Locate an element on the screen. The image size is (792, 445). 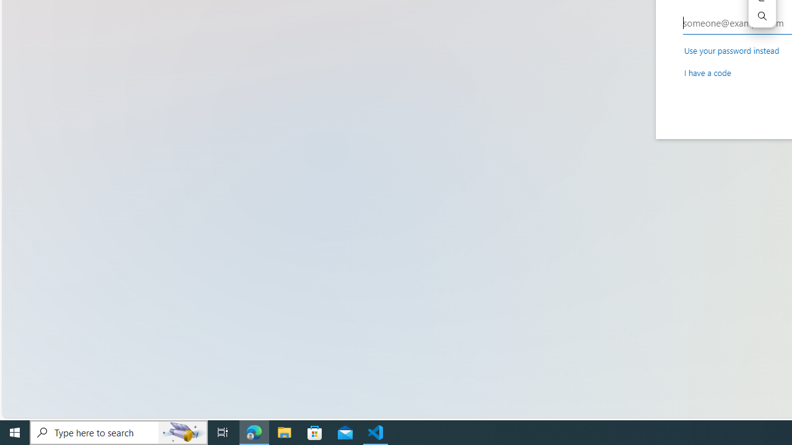
'I have a code' is located at coordinates (707, 72).